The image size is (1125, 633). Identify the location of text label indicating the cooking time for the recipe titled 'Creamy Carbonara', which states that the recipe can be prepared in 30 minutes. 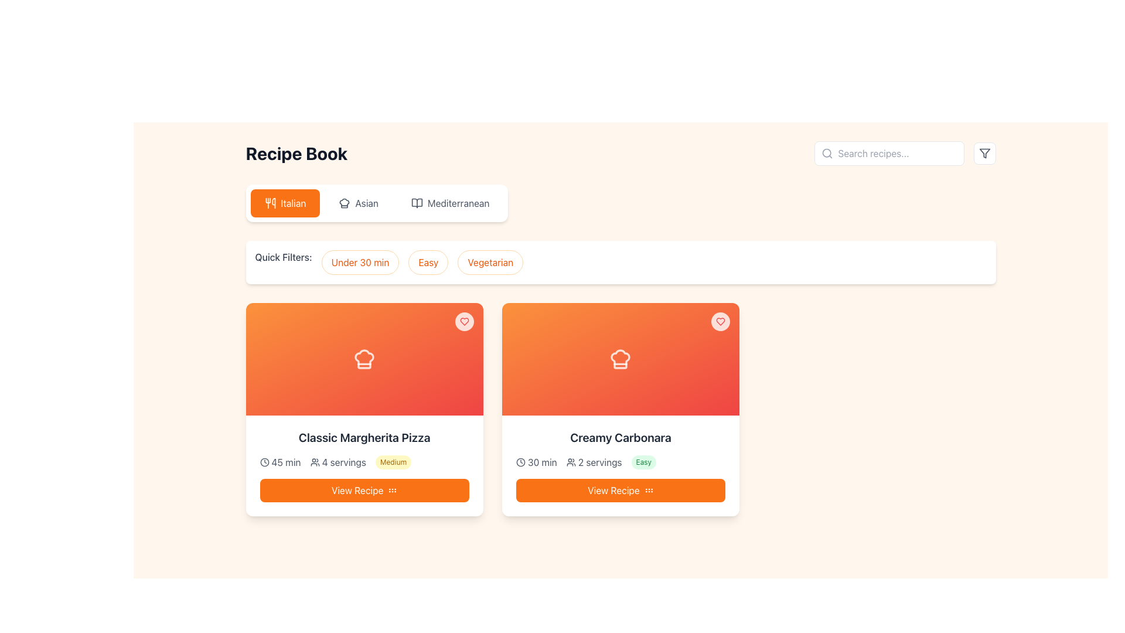
(541, 462).